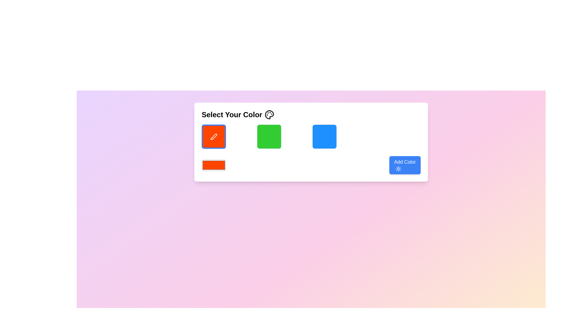  Describe the element at coordinates (269, 115) in the screenshot. I see `the color-picking icon located in the top-right corner of the white rectangular card next to the 'Select Your Color' text` at that location.